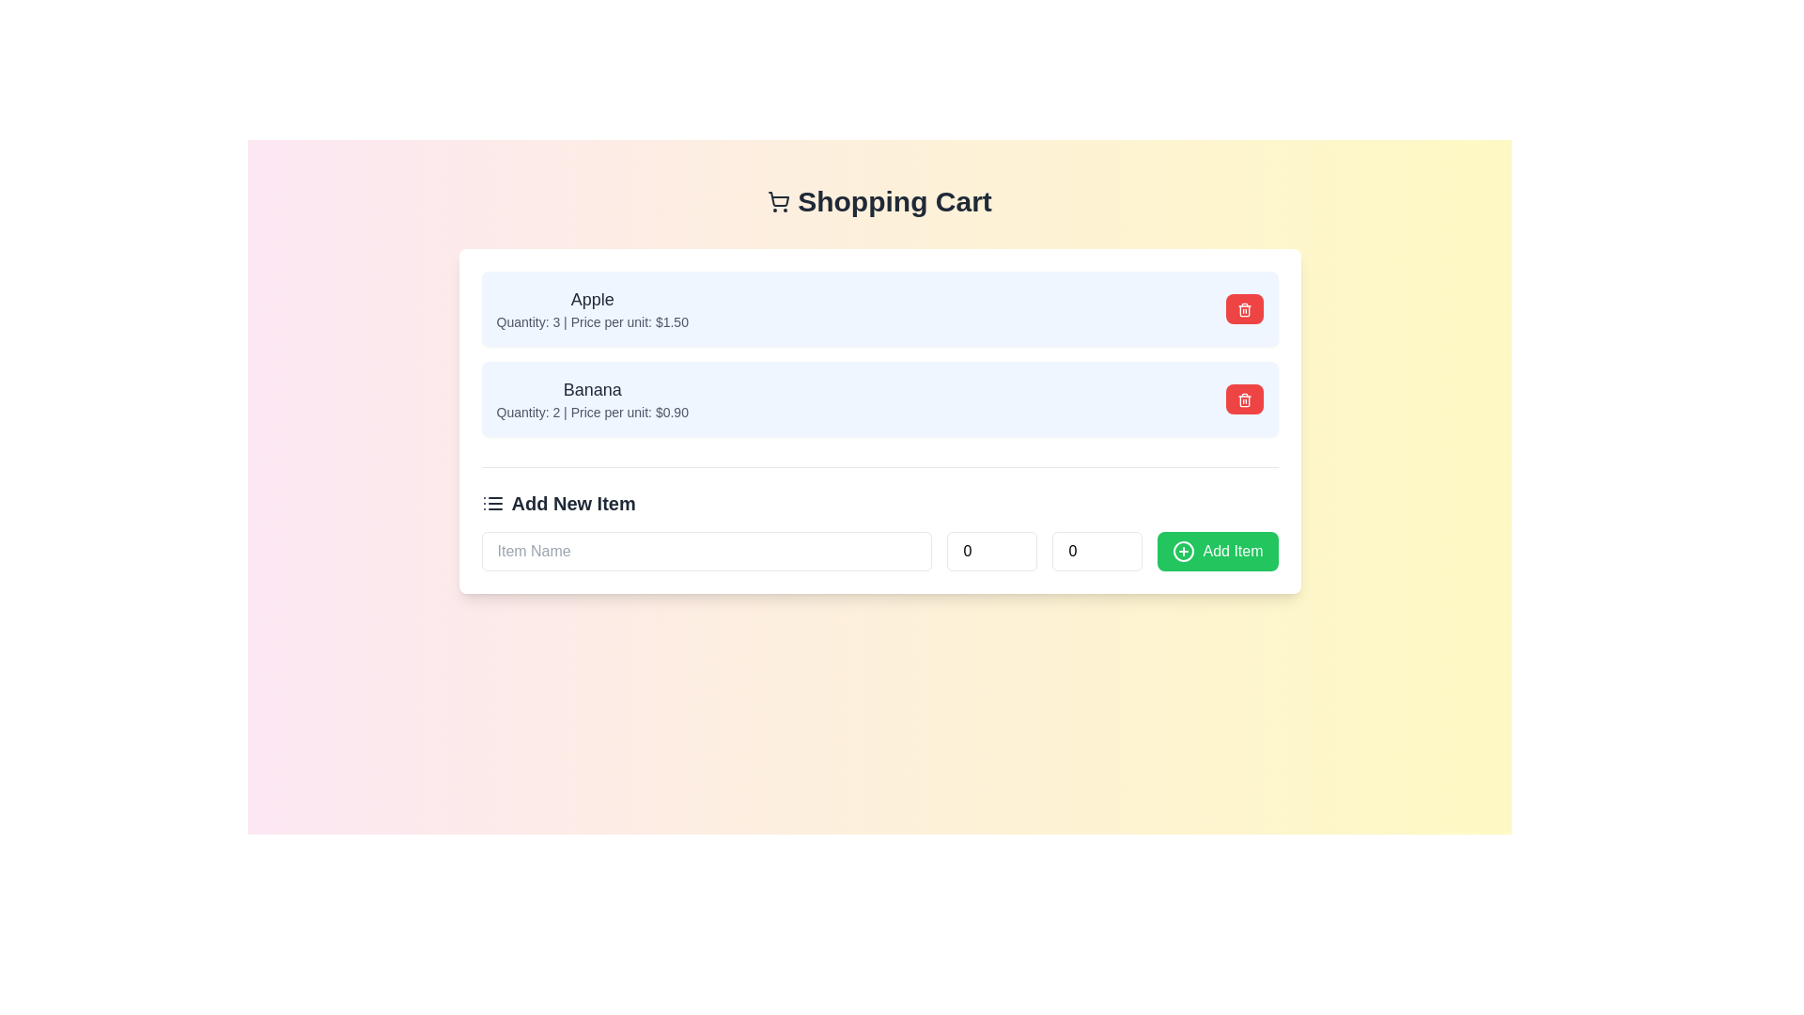  I want to click on the 'Add Item' button with a green background and white text, so click(1218, 550).